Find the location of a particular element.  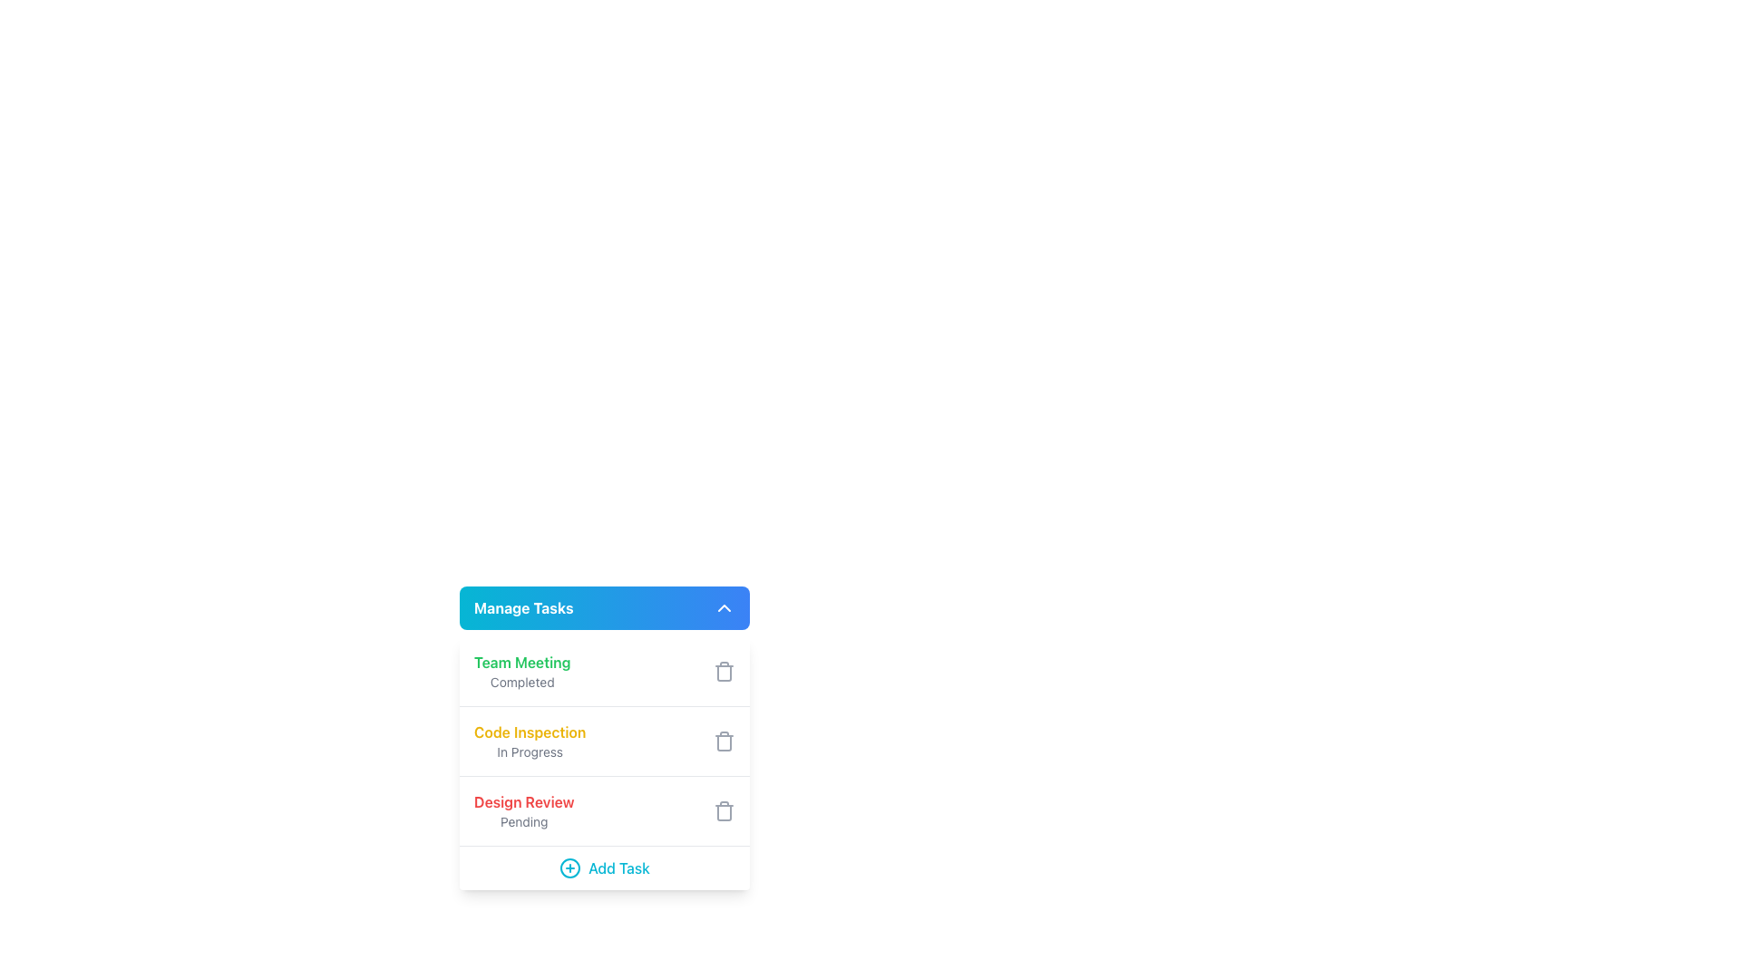

the circular interactive graphical icon located at the bottom of the task management panel, to the left of the 'Add Task' text label is located at coordinates (569, 867).